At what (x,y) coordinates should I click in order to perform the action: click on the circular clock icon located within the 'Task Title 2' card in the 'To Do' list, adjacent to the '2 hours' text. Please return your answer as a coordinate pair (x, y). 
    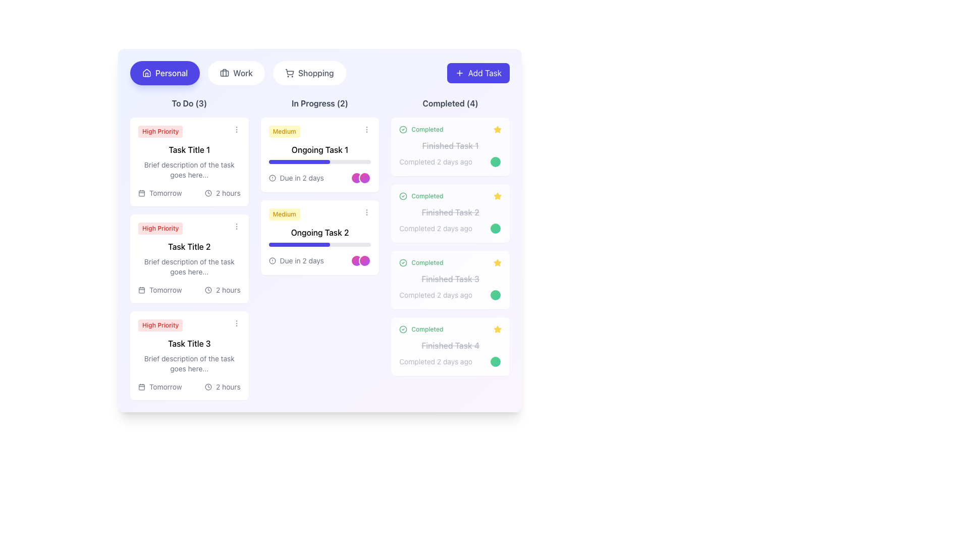
    Looking at the image, I should click on (208, 290).